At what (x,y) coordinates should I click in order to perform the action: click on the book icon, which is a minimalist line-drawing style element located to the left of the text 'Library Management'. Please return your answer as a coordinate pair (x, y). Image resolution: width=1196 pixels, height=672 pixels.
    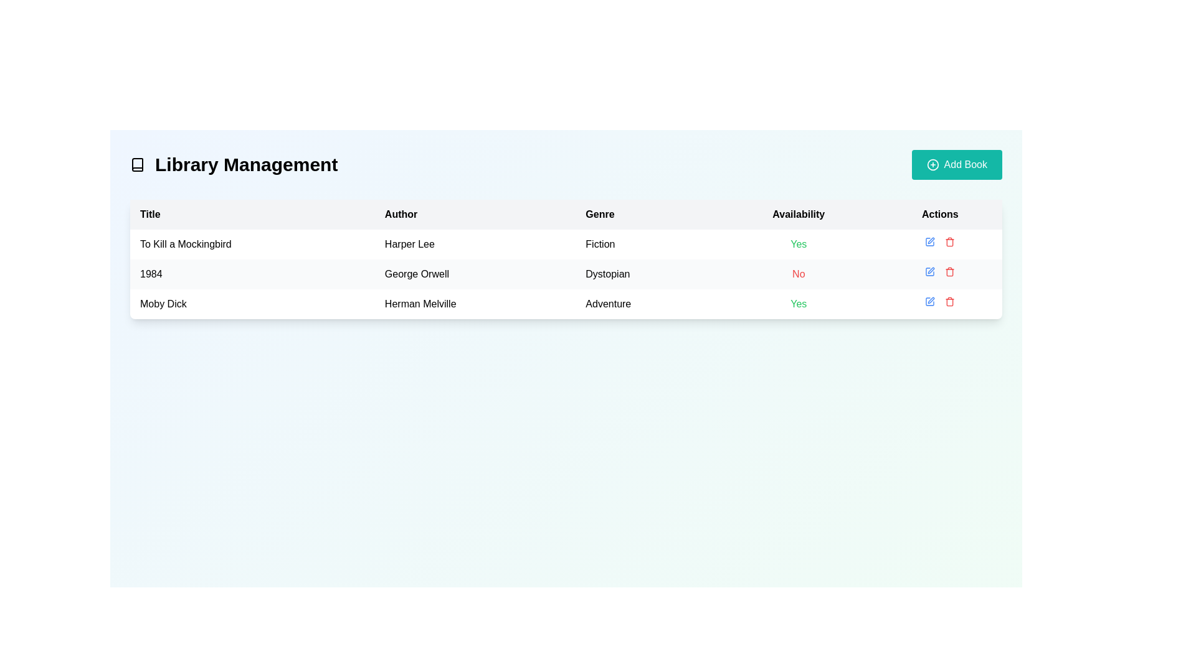
    Looking at the image, I should click on (137, 164).